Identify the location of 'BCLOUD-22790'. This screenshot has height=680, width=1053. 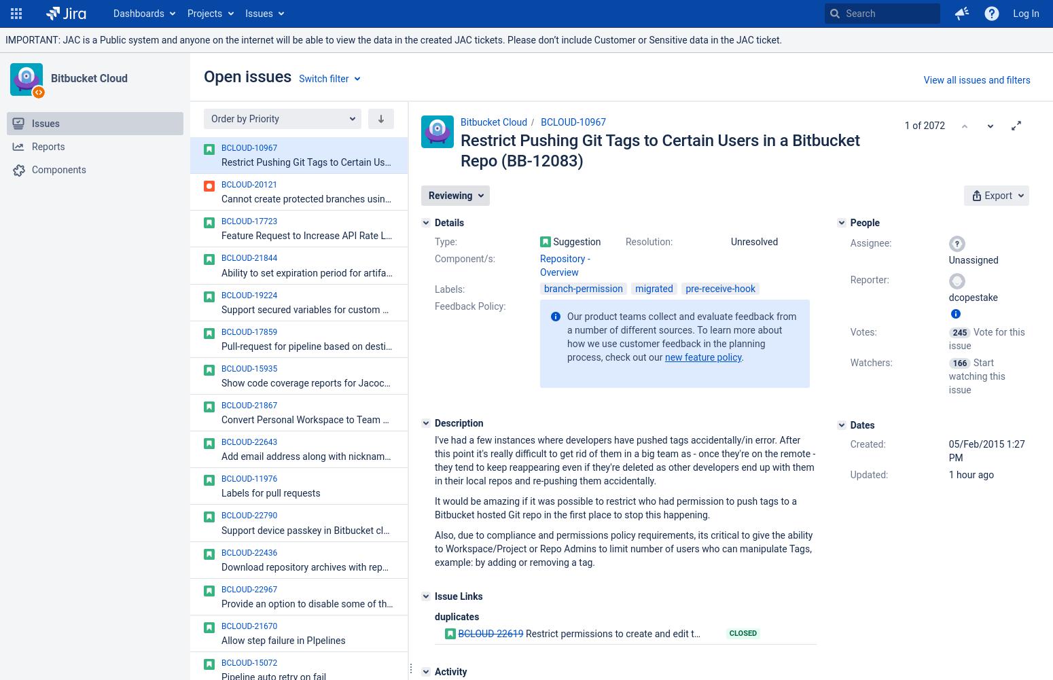
(249, 515).